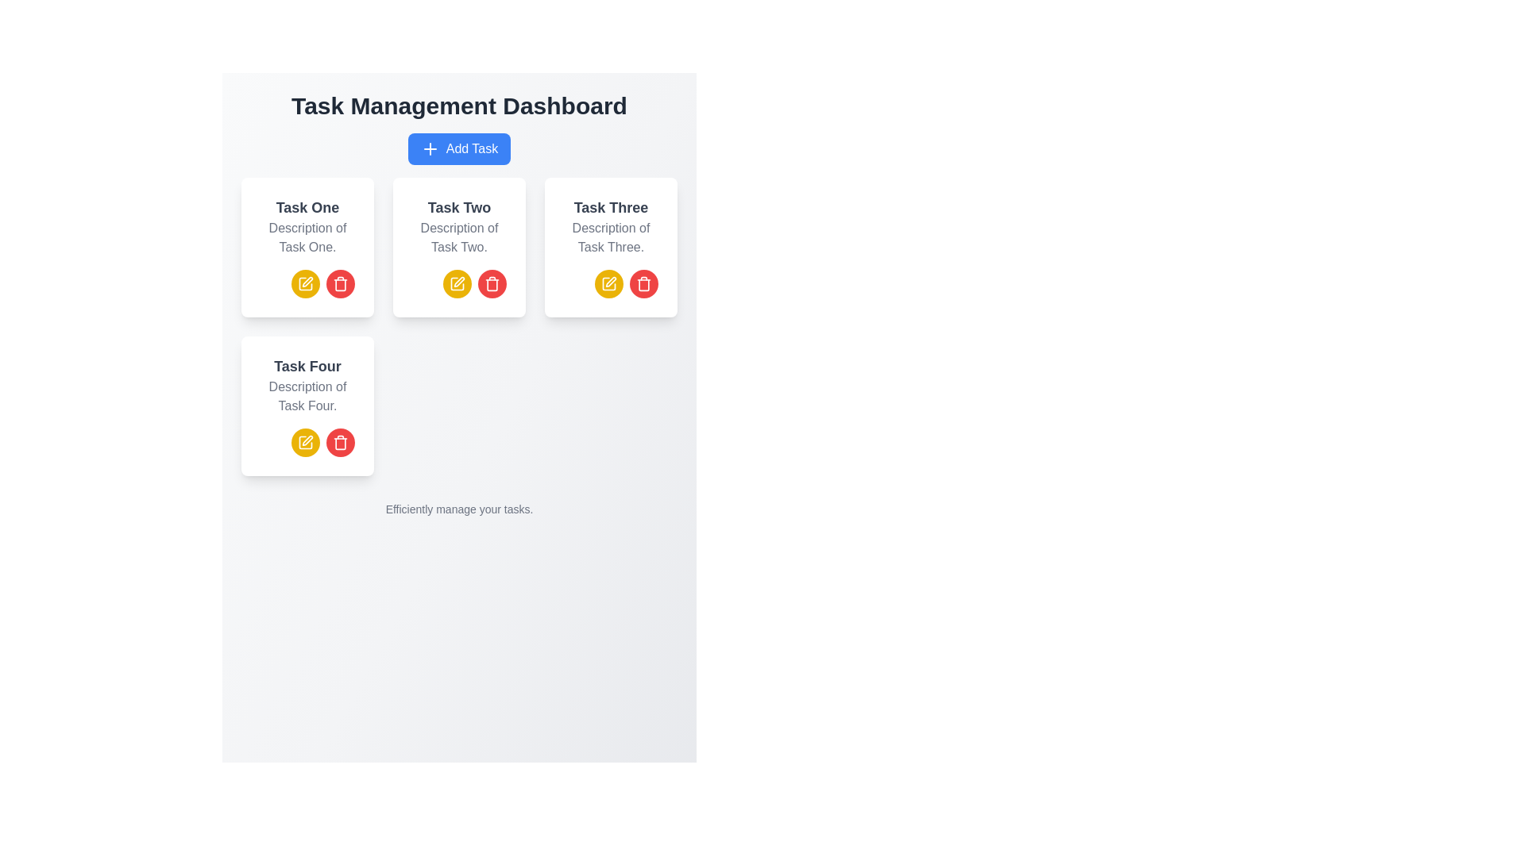 This screenshot has width=1525, height=857. Describe the element at coordinates (339, 283) in the screenshot. I see `the delete icon button located at the bottom right corner of the 'Task Two' card` at that location.